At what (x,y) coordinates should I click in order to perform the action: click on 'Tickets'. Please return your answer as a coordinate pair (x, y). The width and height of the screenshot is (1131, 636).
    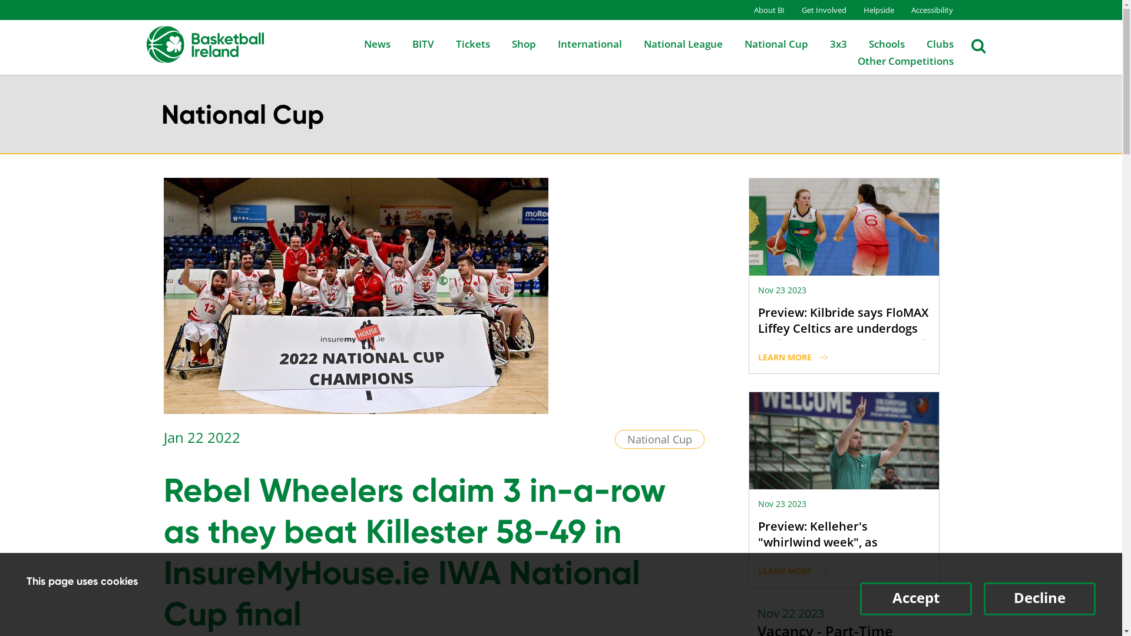
    Looking at the image, I should click on (435, 43).